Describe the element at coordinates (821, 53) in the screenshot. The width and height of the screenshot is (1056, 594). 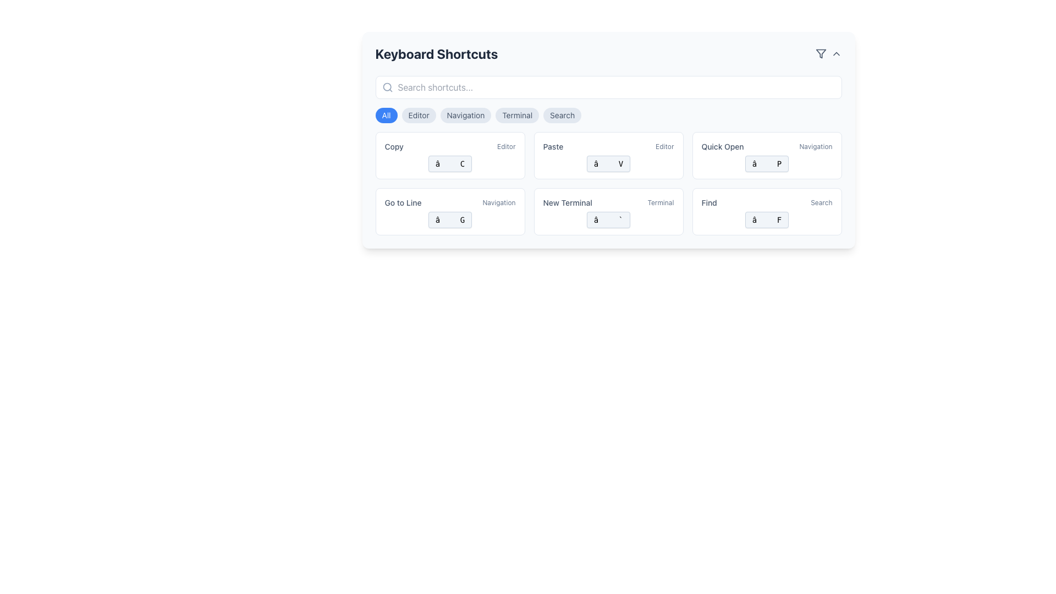
I see `the filter icon located at the top right corner of the interface` at that location.